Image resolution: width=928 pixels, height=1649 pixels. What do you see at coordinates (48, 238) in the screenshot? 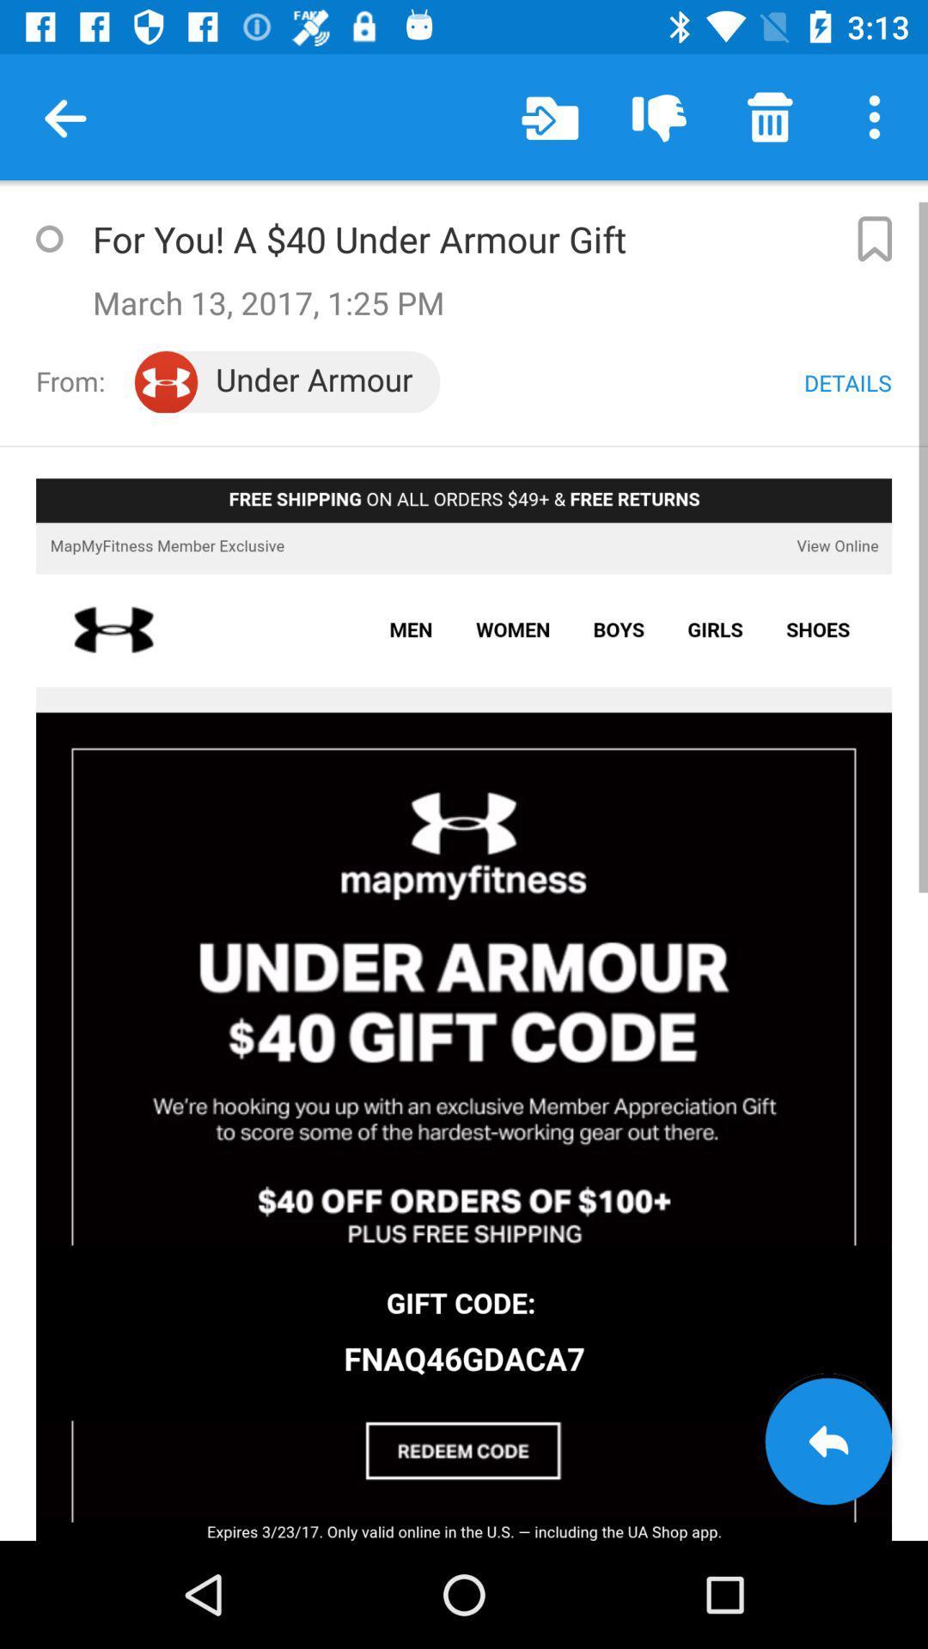
I see `option` at bounding box center [48, 238].